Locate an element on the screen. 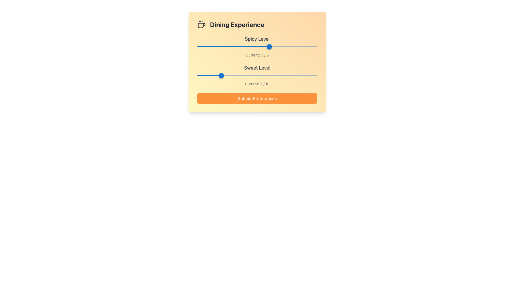  slider is located at coordinates (222, 75).